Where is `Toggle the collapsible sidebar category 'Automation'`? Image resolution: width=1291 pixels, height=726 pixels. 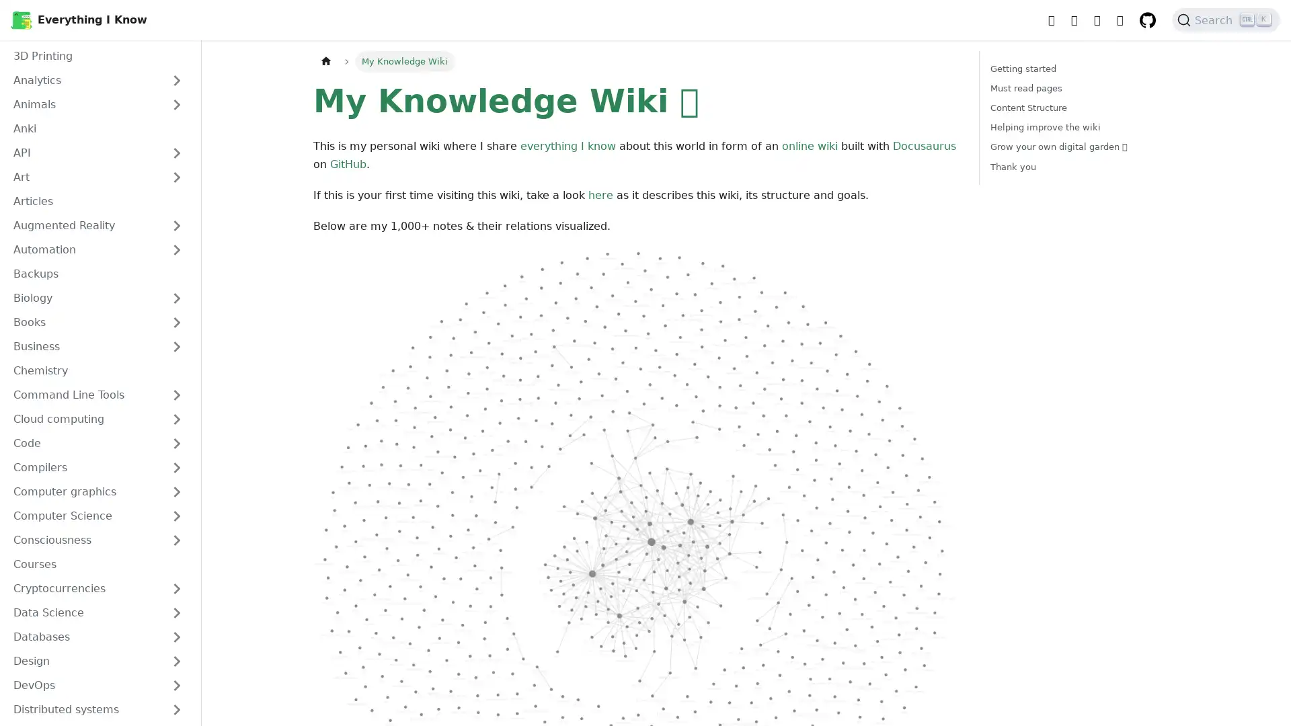 Toggle the collapsible sidebar category 'Automation' is located at coordinates (176, 249).